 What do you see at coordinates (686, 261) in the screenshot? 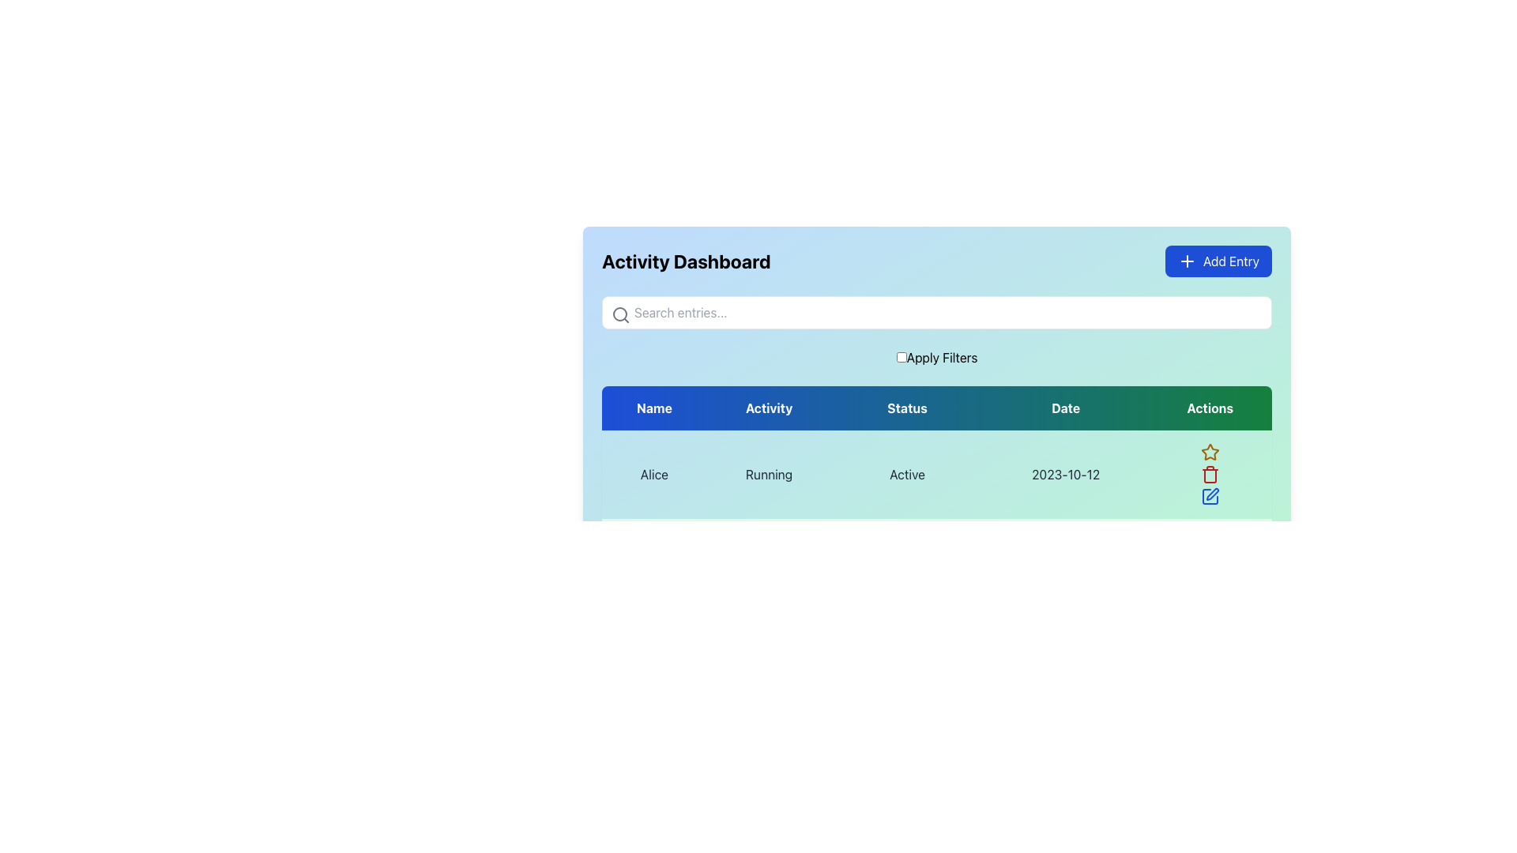
I see `bold and large text labeled 'Activity Dashboard' located in the top-left section of the interface` at bounding box center [686, 261].